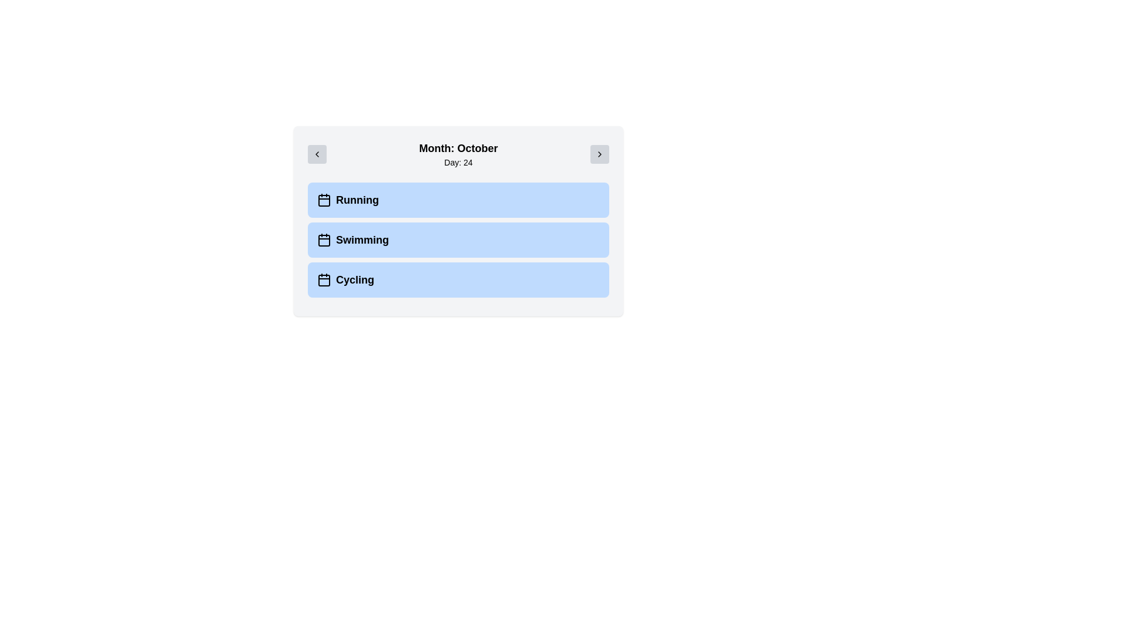  I want to click on the bold text label 'Cycling' which is styled prominently in a blue rounded rectangular area, located below the 'Running' and 'Swimming' labels in a vertical list, so click(354, 280).